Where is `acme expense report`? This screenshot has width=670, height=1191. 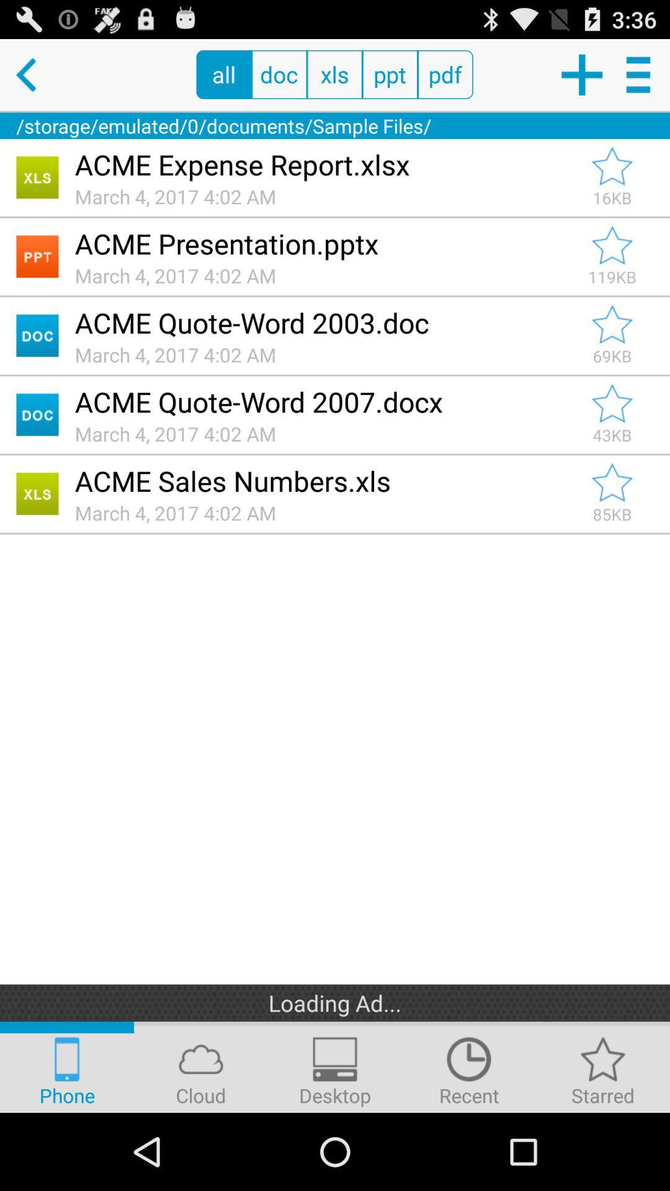
acme expense report is located at coordinates (612, 166).